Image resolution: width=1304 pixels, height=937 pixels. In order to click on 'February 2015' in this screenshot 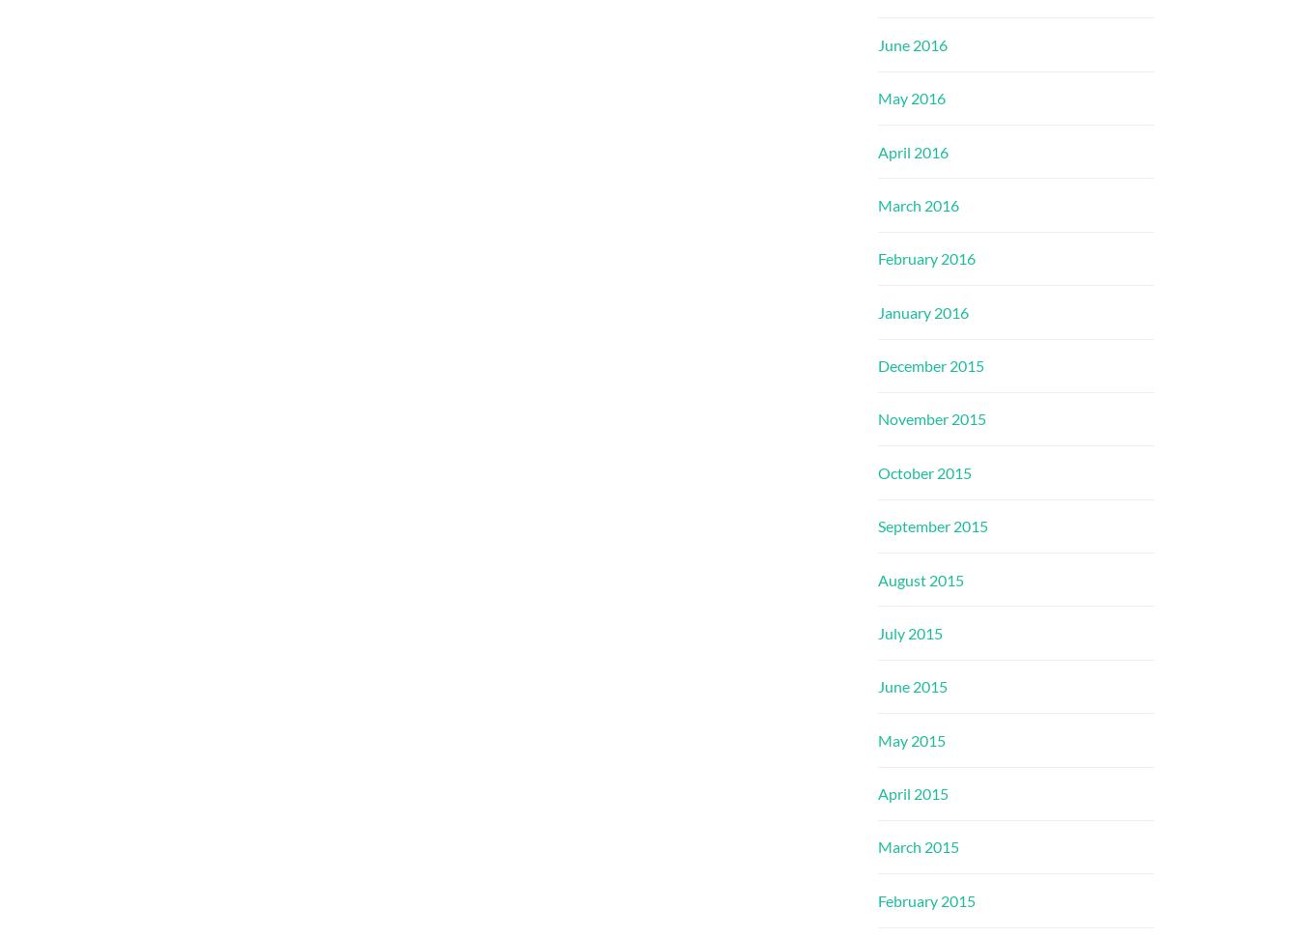, I will do `click(925, 898)`.